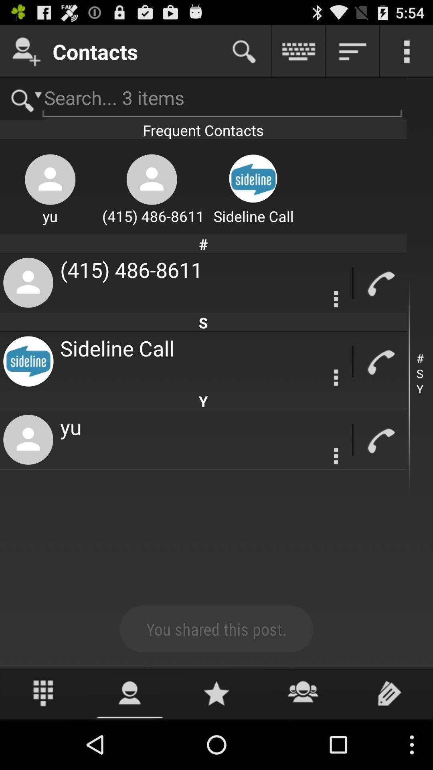 This screenshot has width=433, height=770. I want to click on show details, so click(352, 51).